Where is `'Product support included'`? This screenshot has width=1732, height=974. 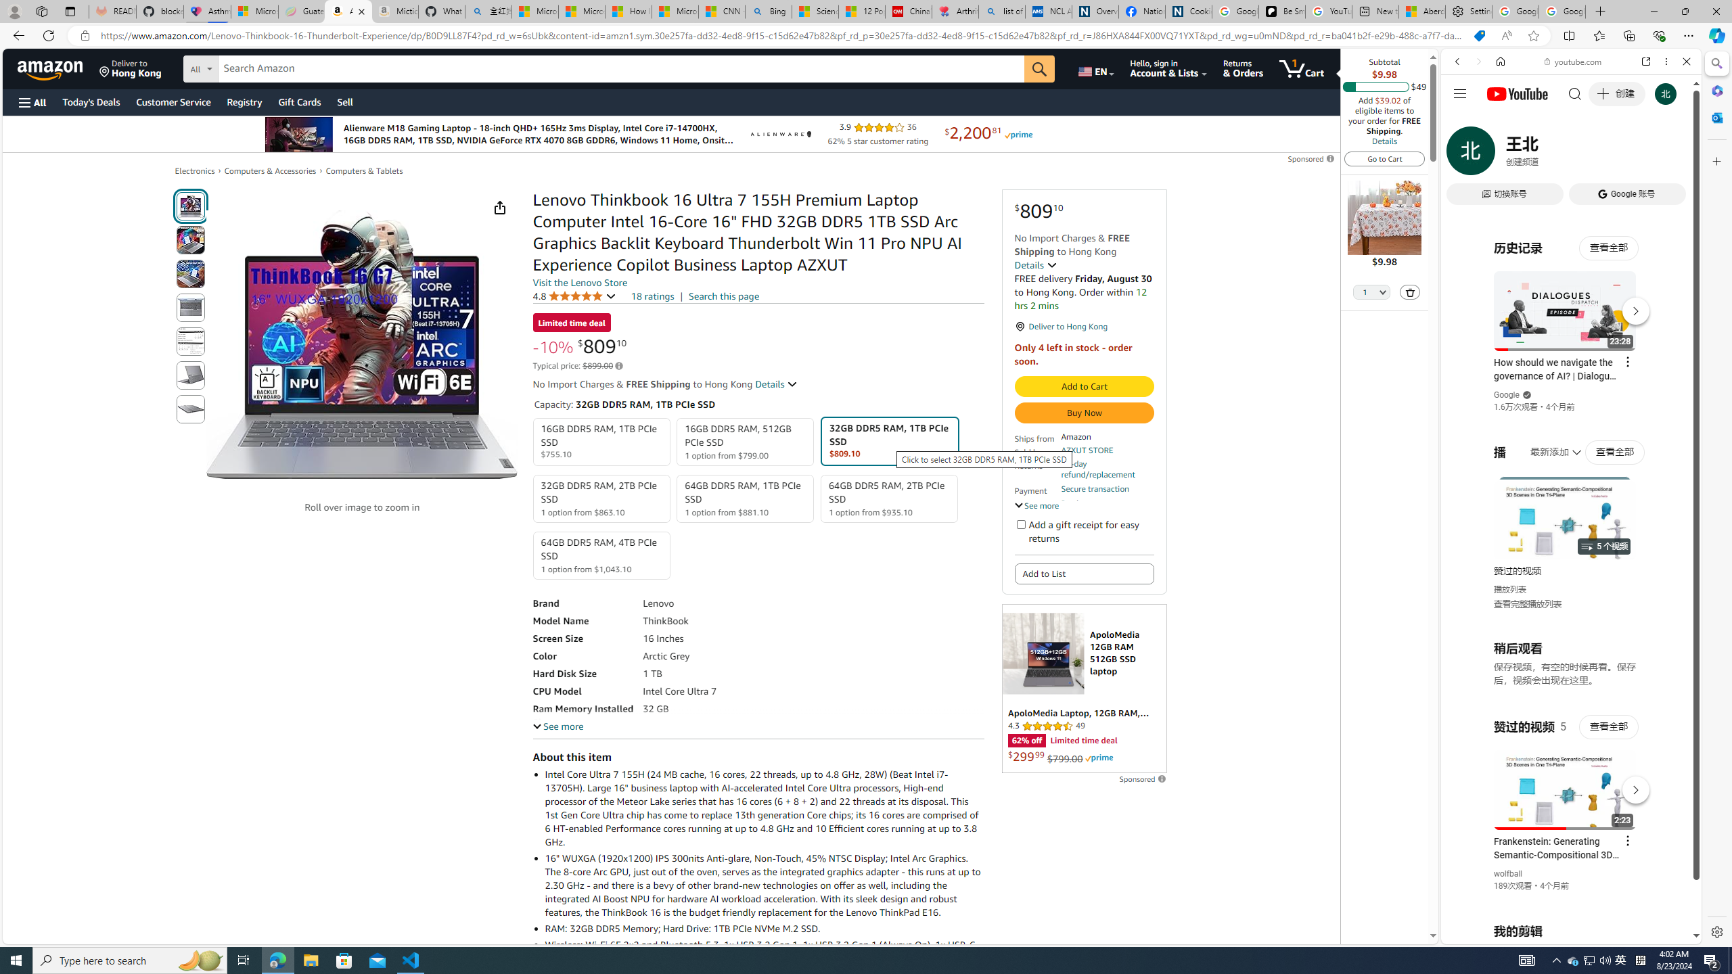 'Product support included' is located at coordinates (1106, 507).